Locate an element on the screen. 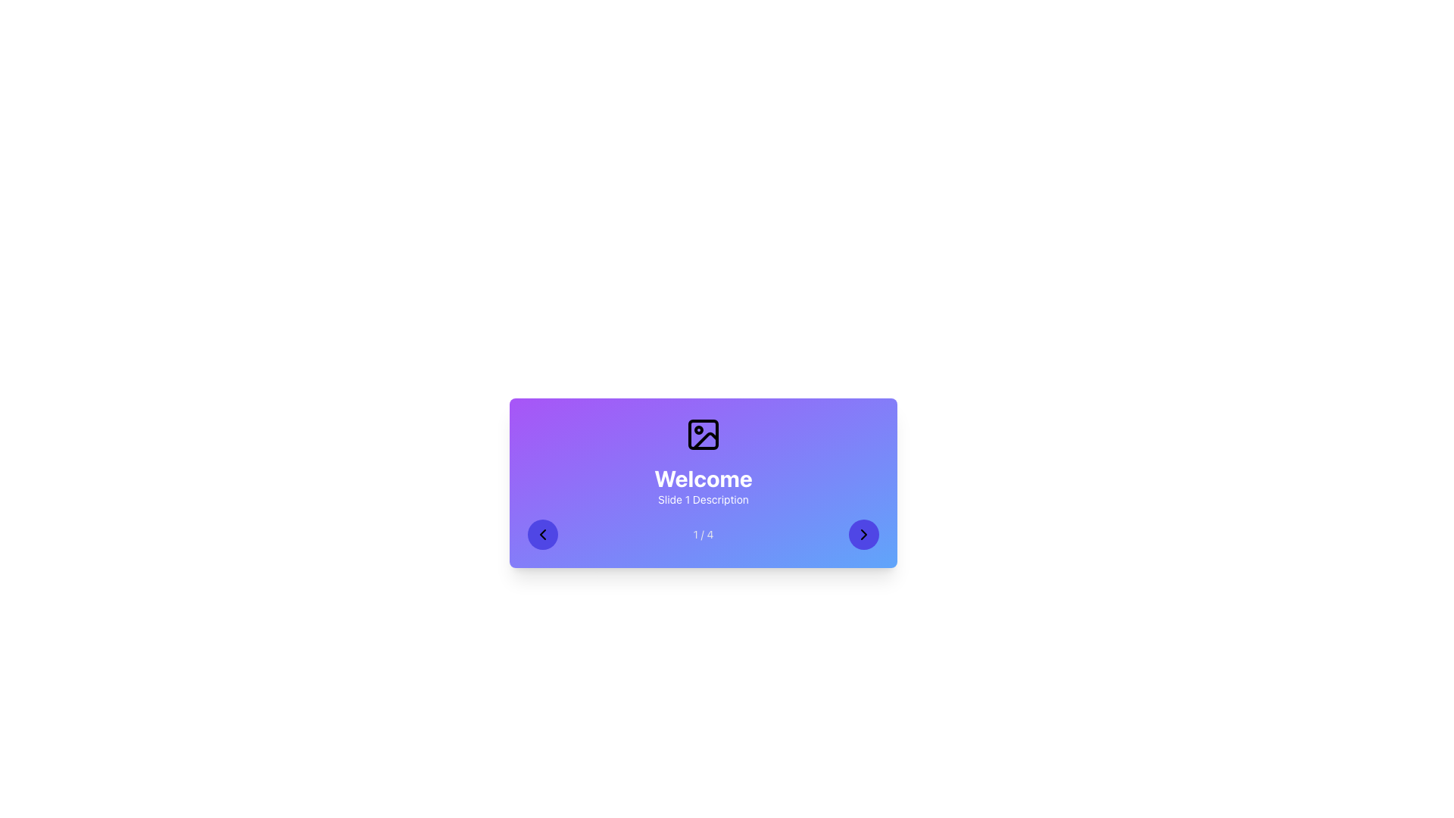 The image size is (1454, 818). the centered photo icon within the card-style panel, which features a rounded frame and a decorative sun symbol is located at coordinates (703, 435).